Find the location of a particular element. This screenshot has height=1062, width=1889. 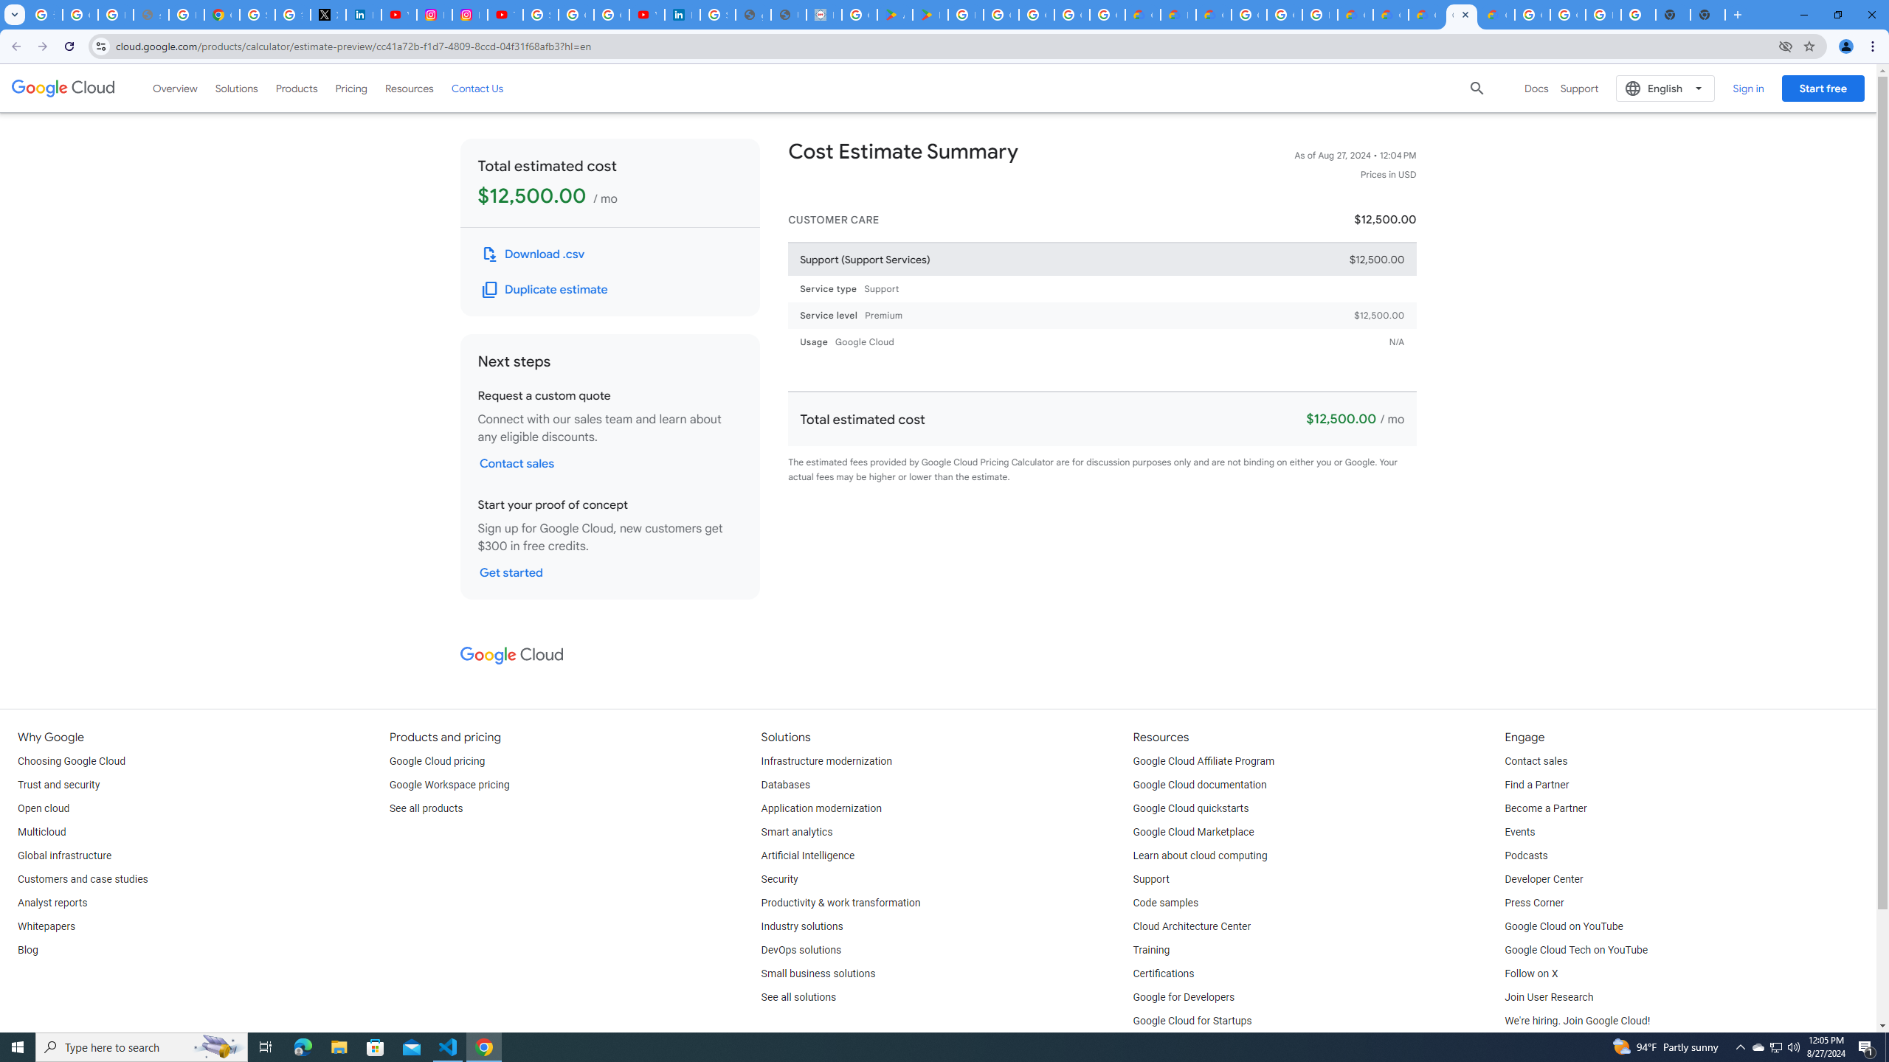

'Duplicate this estimate' is located at coordinates (545, 289).